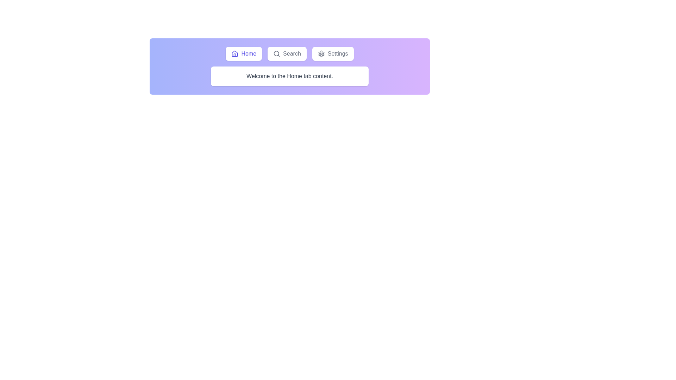  What do you see at coordinates (321, 53) in the screenshot?
I see `the 'Settings' icon located on the rightmost end of the horizontal navigation bar` at bounding box center [321, 53].